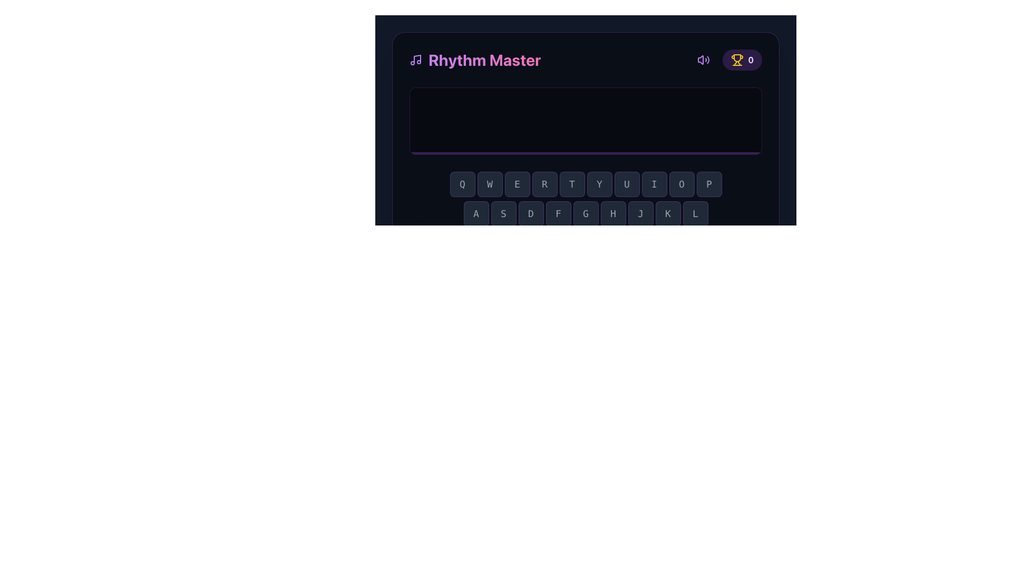 The height and width of the screenshot is (569, 1012). What do you see at coordinates (727, 60) in the screenshot?
I see `the Score indicator, which is a purple rectangular area containing a yellow trophy icon and the number '0' in light purple text, located in the upper-right corner of the 'Rhythm Master' section` at bounding box center [727, 60].